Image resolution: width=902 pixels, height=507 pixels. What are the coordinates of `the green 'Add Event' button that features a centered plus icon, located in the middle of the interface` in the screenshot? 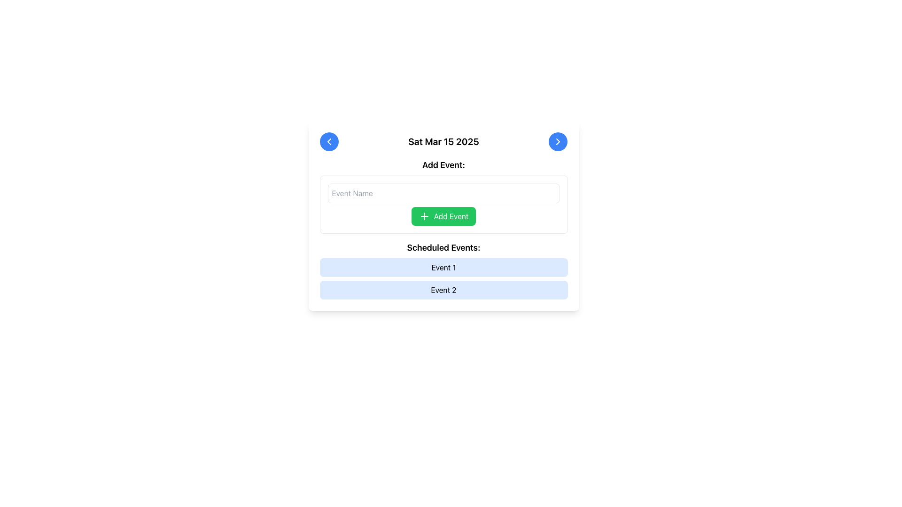 It's located at (424, 216).